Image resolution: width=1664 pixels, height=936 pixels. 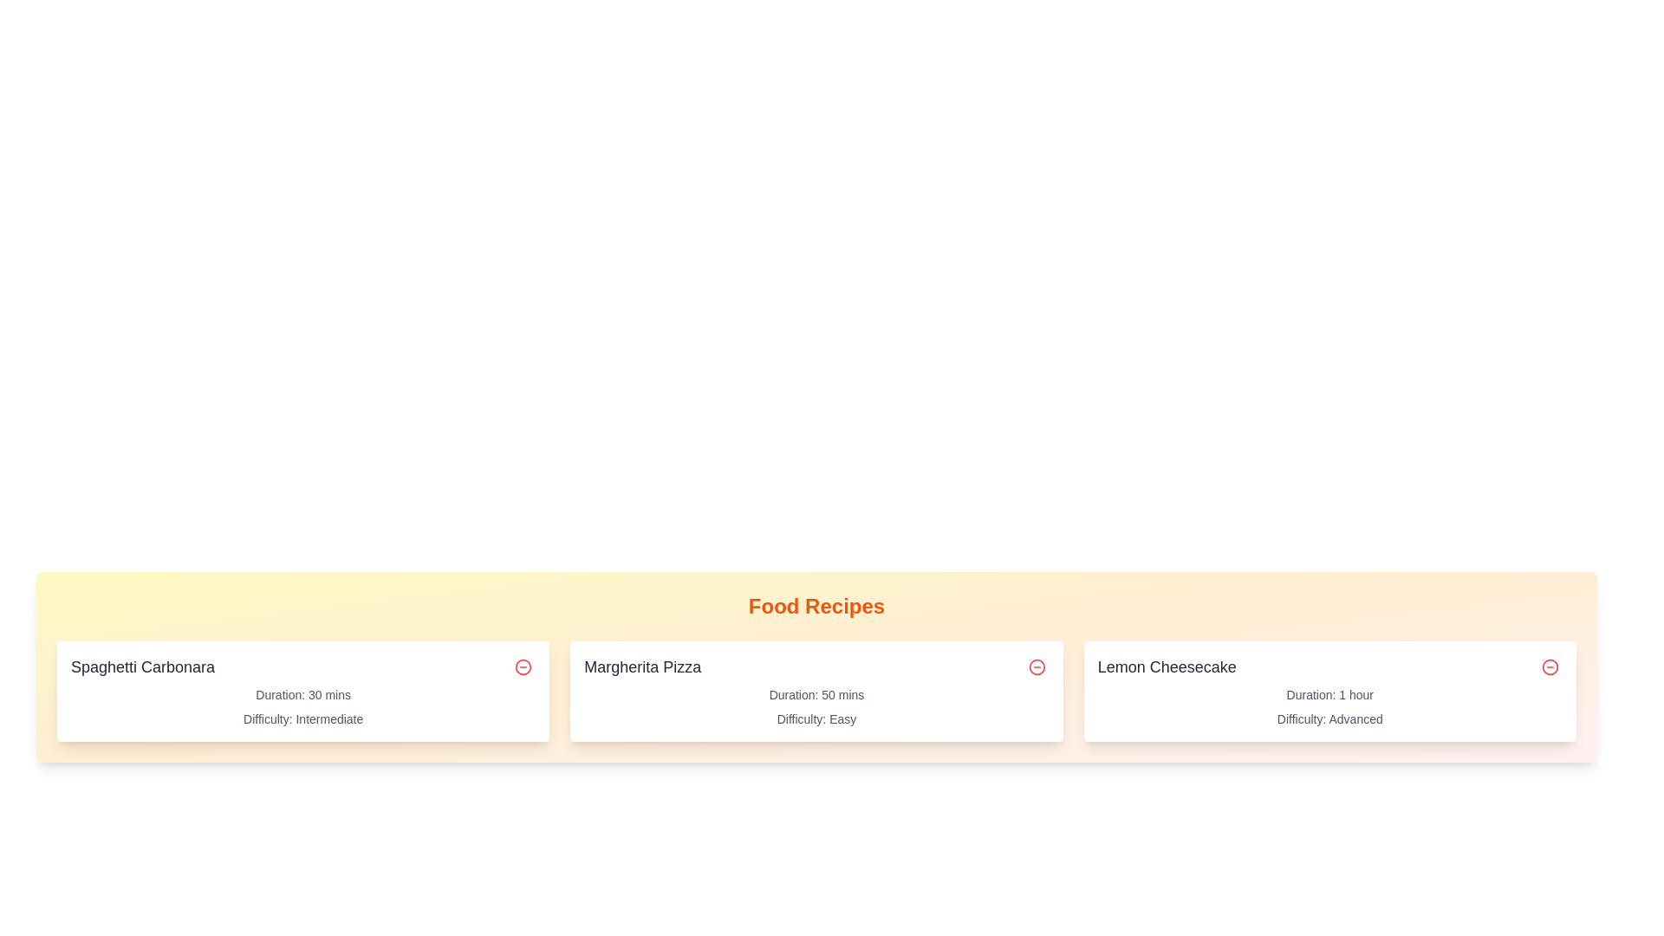 What do you see at coordinates (816, 605) in the screenshot?
I see `text label or heading that indicates the section pertains to recipes, located at the top of the rectangular section containing the recipe cards` at bounding box center [816, 605].